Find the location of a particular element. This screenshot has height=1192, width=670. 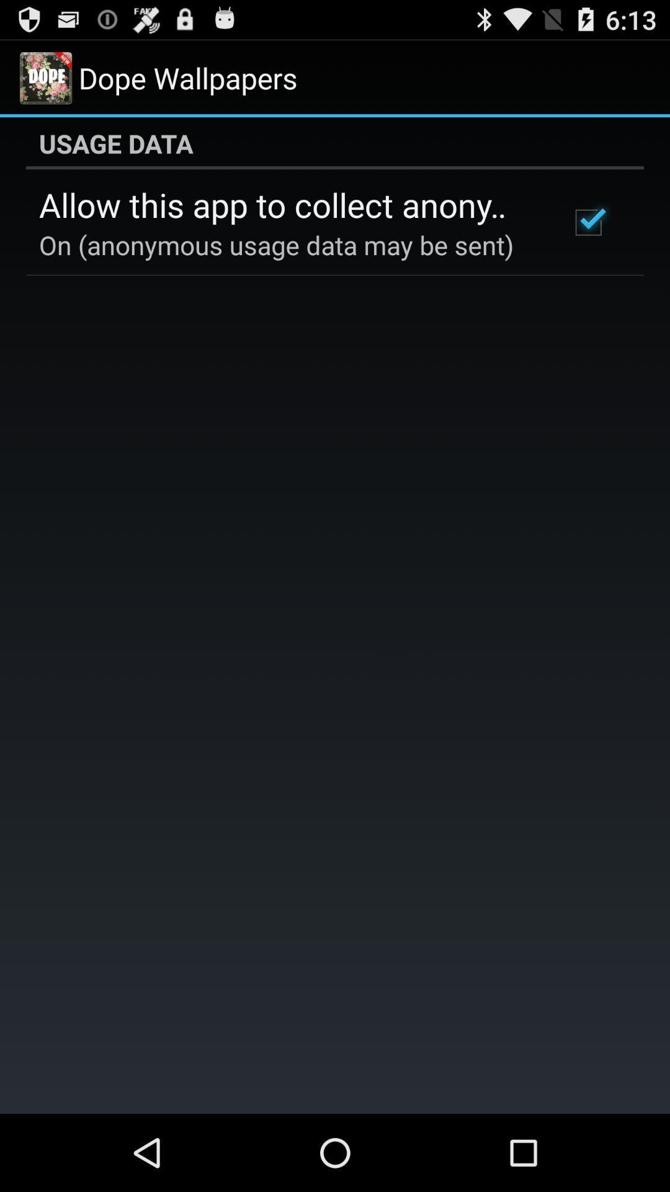

the allow this app icon is located at coordinates (287, 204).